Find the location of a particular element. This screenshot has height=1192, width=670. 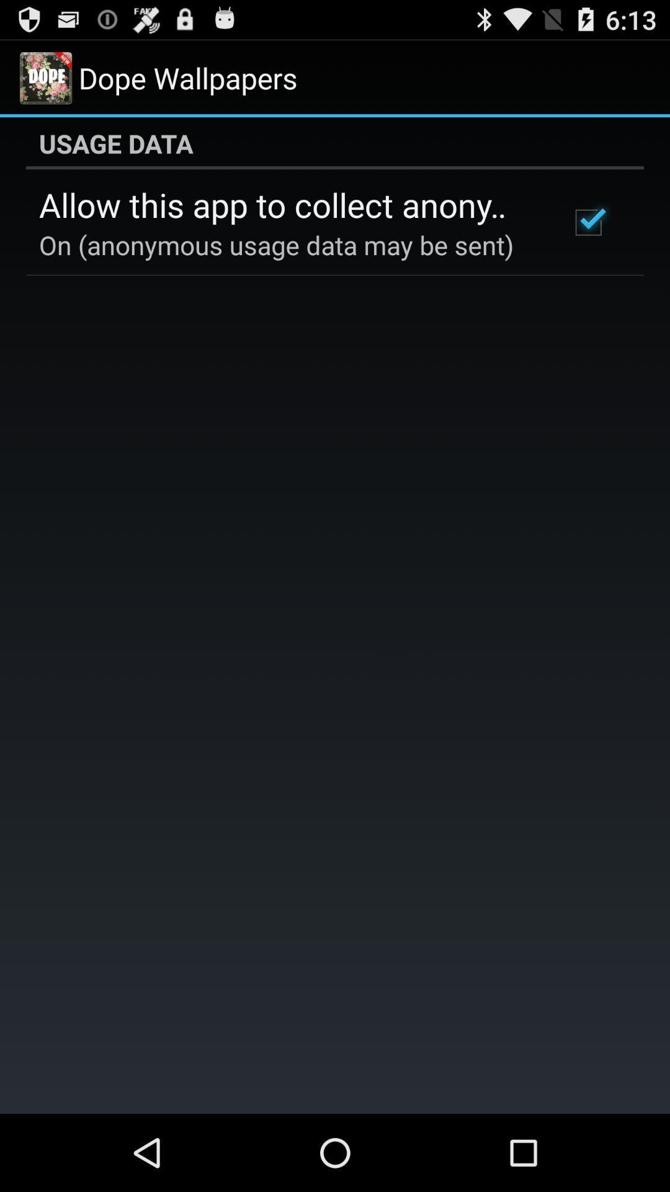

the allow this app icon is located at coordinates (287, 204).